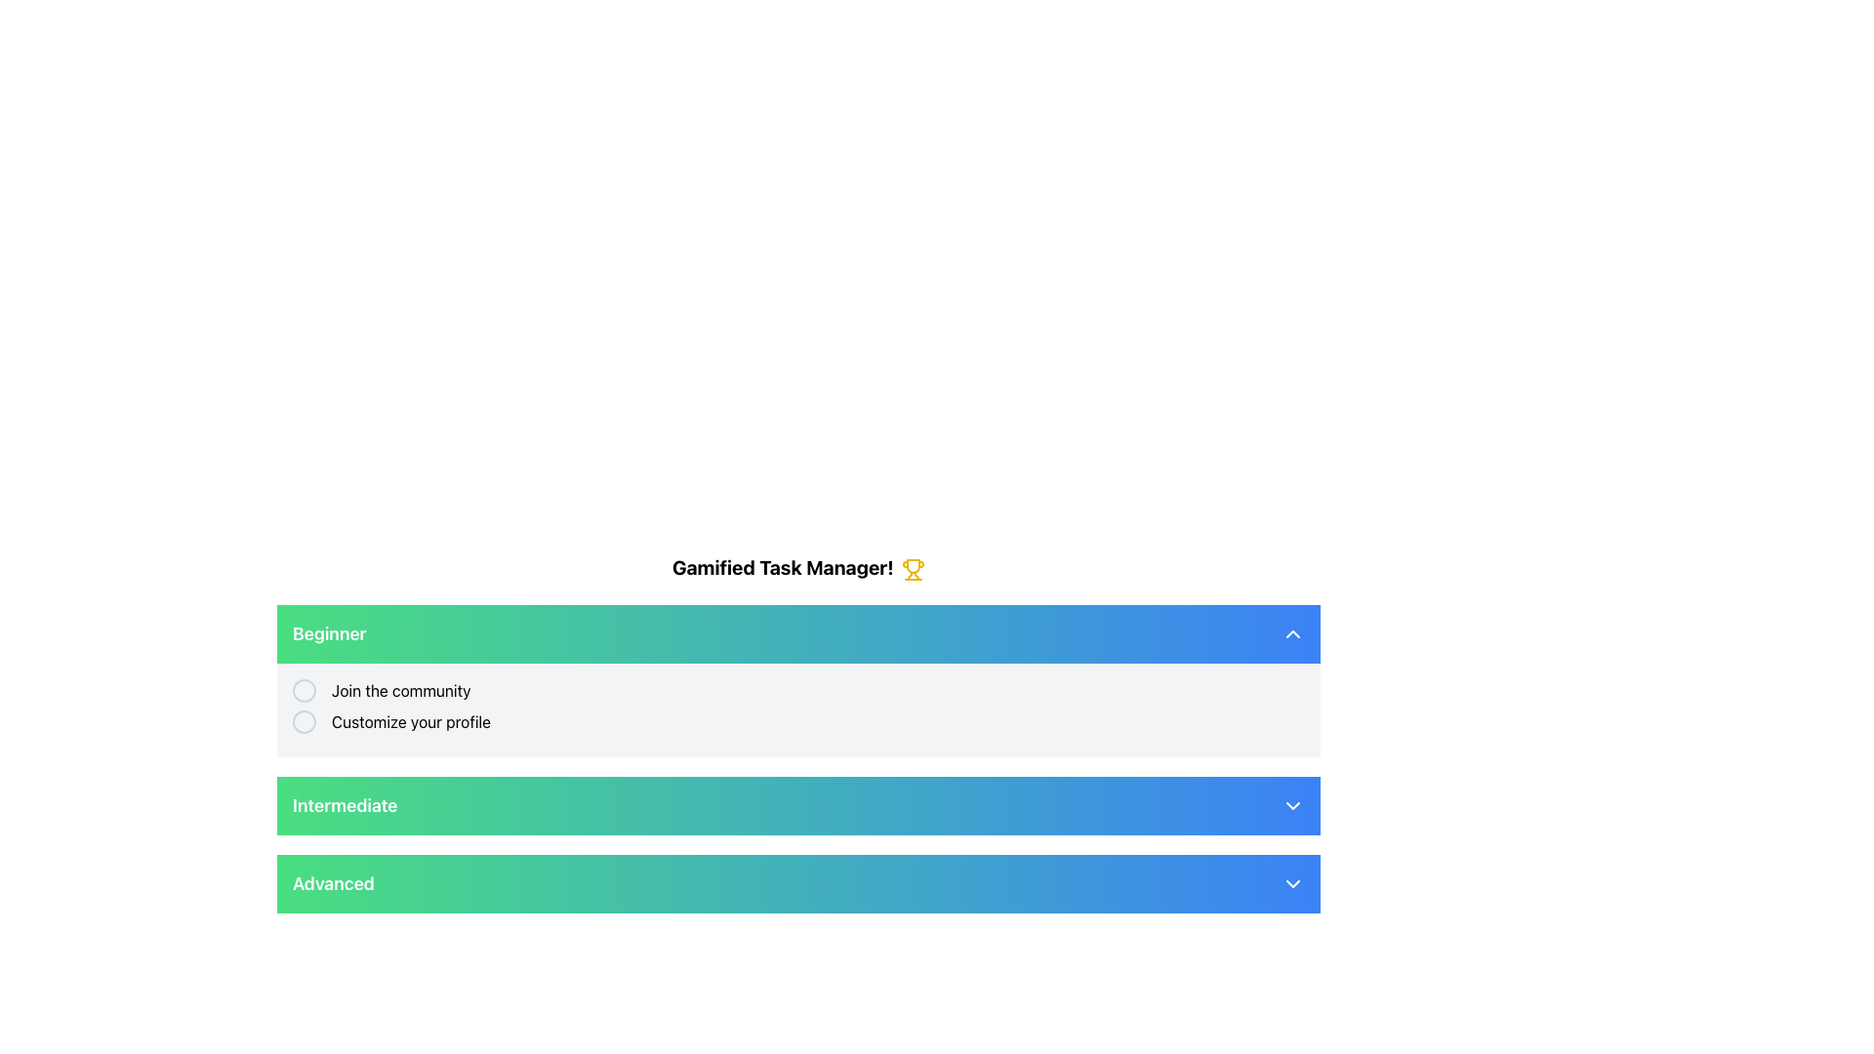 The height and width of the screenshot is (1054, 1874). Describe the element at coordinates (1292, 884) in the screenshot. I see `the chevron-type arrow icon located at the far-right side of the 'Advanced' section` at that location.